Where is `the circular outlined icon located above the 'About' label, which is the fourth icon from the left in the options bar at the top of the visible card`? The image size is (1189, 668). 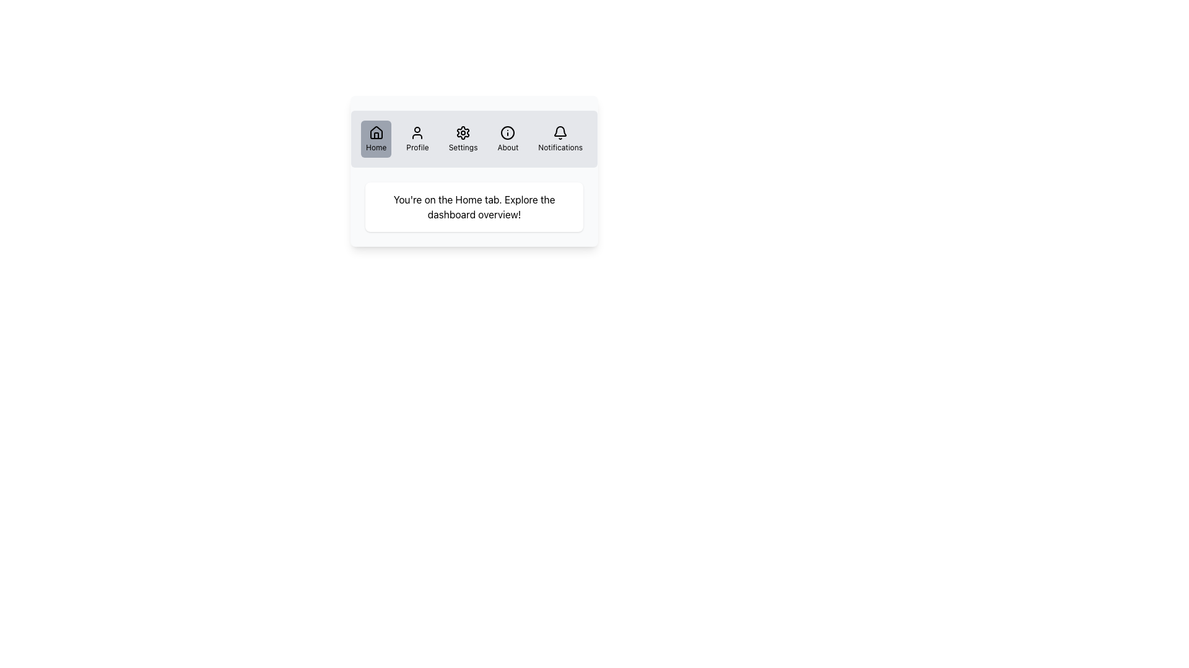
the circular outlined icon located above the 'About' label, which is the fourth icon from the left in the options bar at the top of the visible card is located at coordinates (508, 133).